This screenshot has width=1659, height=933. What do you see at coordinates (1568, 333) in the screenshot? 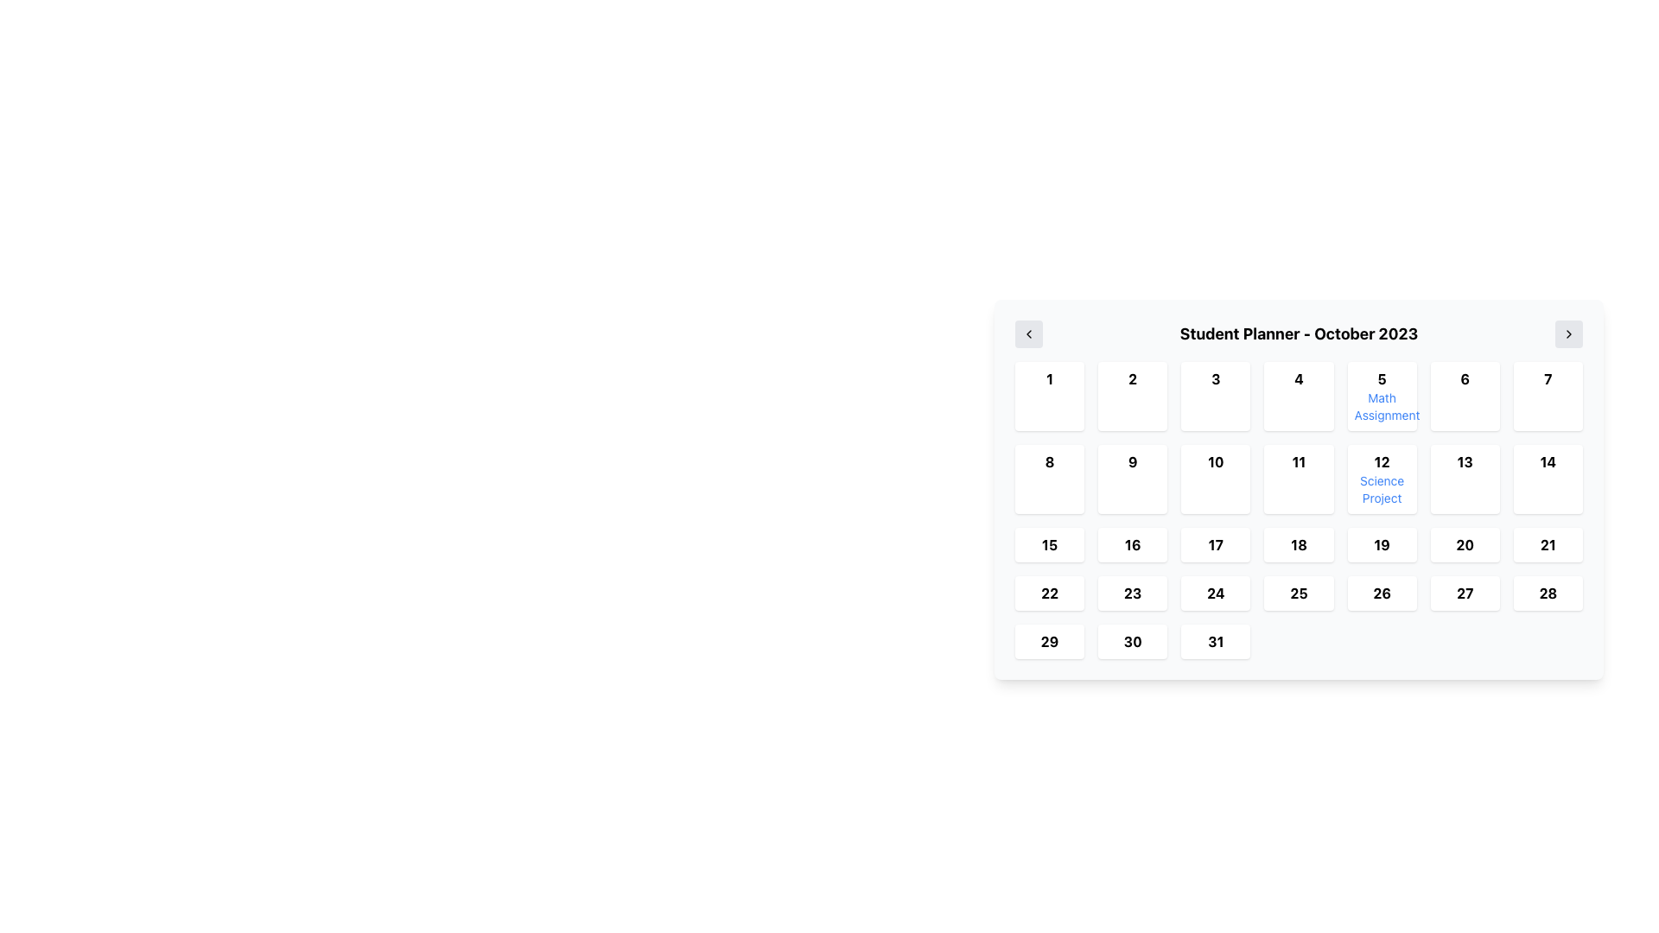
I see `the navigation button located in the top-right corner of the 'Student Planner - October 2023' component` at bounding box center [1568, 333].